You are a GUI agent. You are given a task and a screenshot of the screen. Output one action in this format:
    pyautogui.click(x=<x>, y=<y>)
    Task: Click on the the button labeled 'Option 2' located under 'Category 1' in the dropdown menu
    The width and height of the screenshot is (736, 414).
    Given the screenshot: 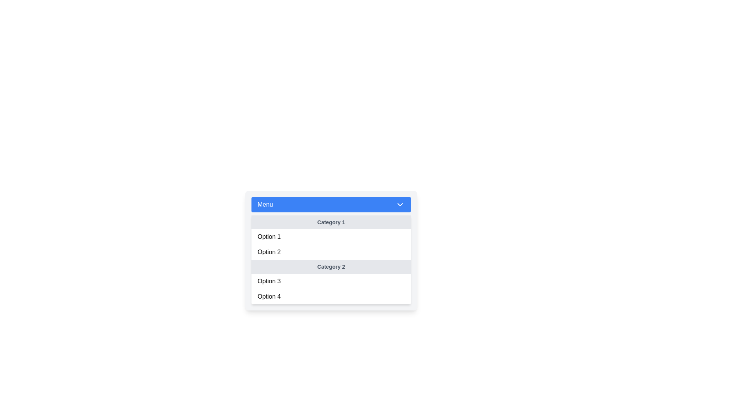 What is the action you would take?
    pyautogui.click(x=331, y=252)
    